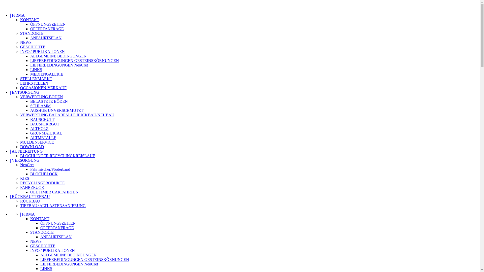 Image resolution: width=484 pixels, height=272 pixels. I want to click on 'KONTAKT', so click(29, 19).